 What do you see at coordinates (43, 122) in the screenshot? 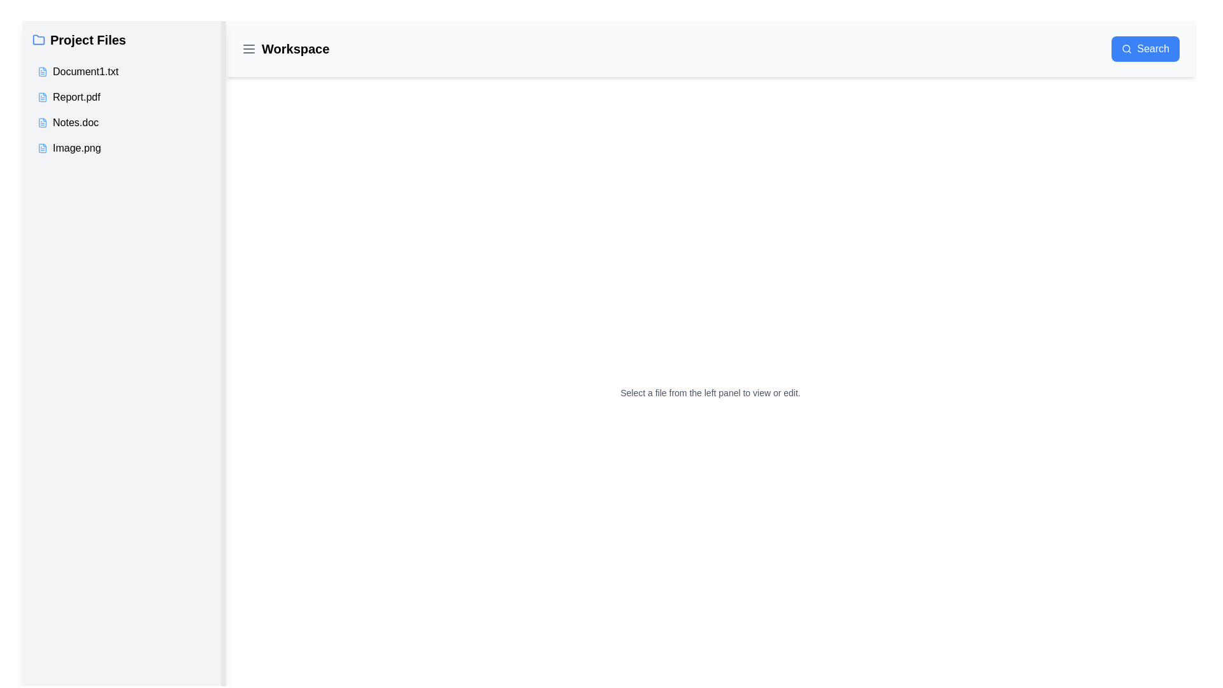
I see `the file icon with a blue outline and folded corner located at the start of the 'Notes.doc' list item in the left sidebar` at bounding box center [43, 122].